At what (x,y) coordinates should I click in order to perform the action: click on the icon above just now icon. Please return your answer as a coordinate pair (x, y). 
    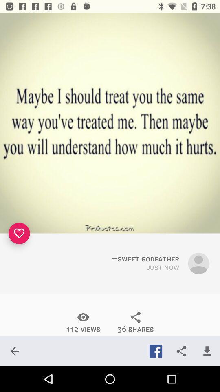
    Looking at the image, I should click on (145, 256).